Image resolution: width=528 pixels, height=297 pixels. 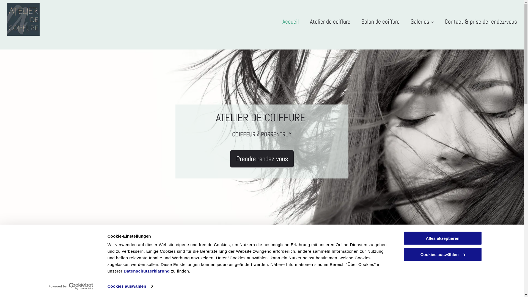 What do you see at coordinates (410, 21) in the screenshot?
I see `'Galeries'` at bounding box center [410, 21].